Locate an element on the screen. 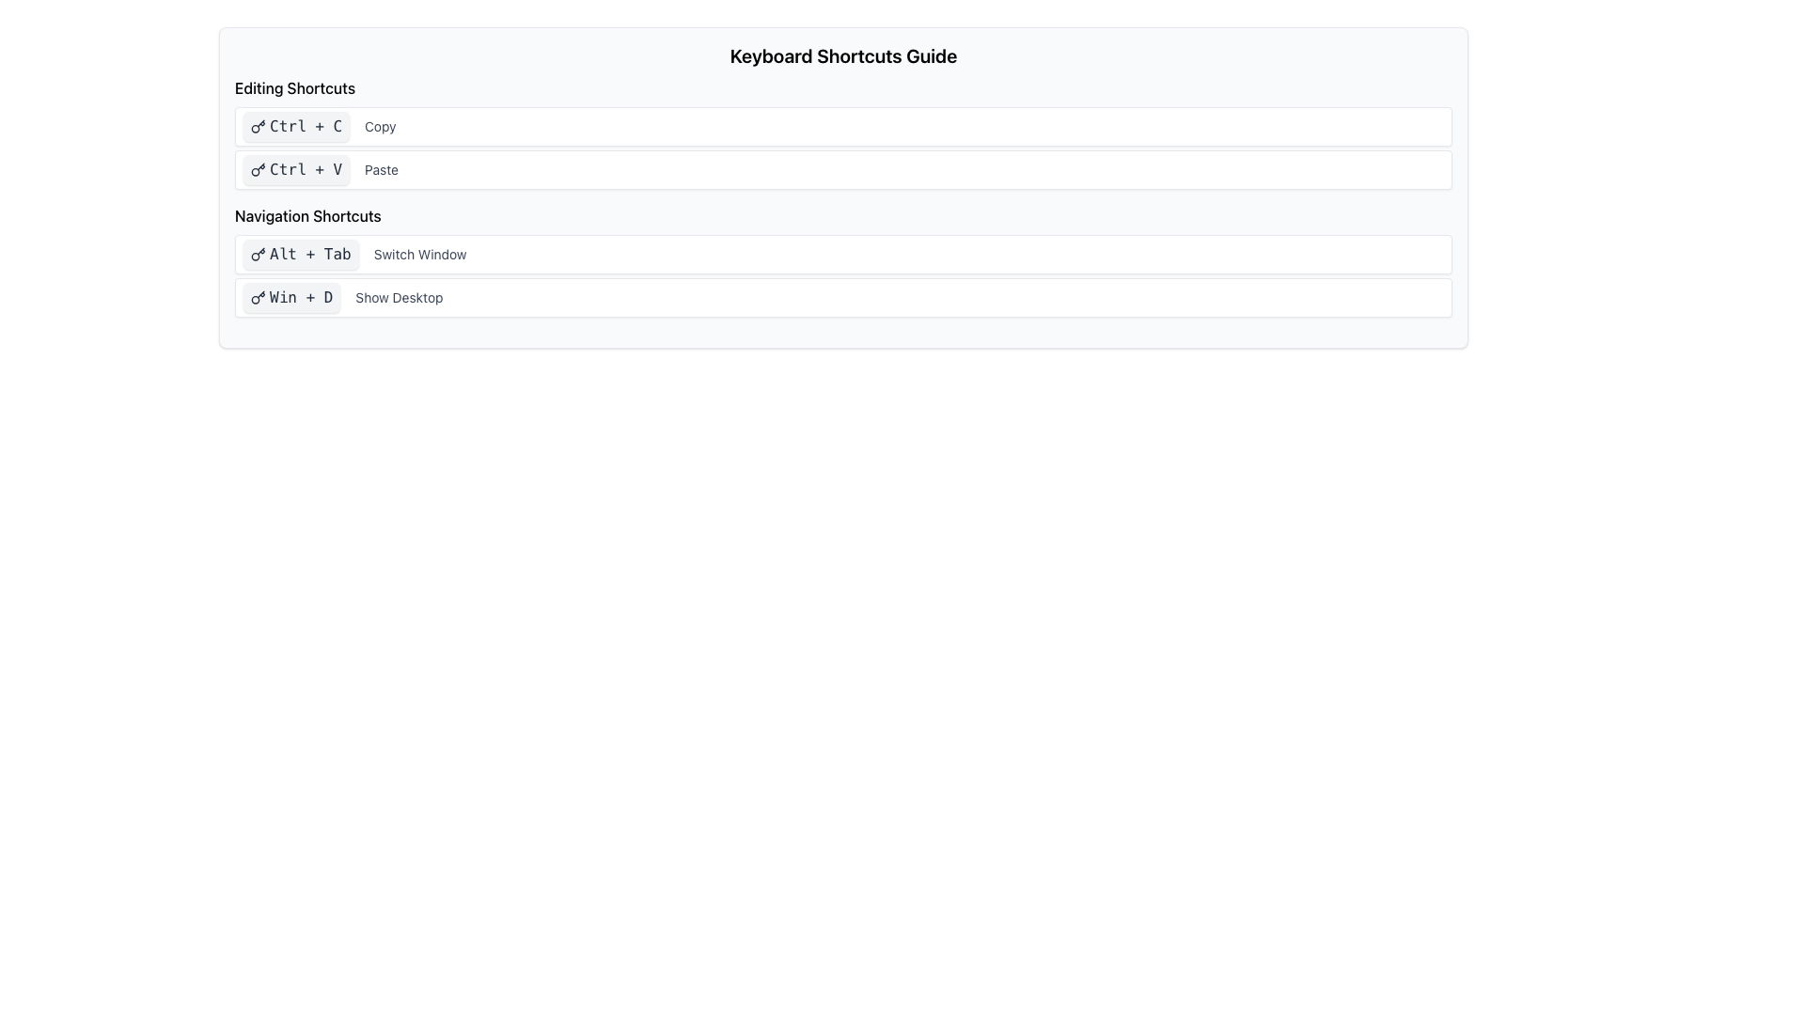 The image size is (1805, 1015). the text label displaying 'Switch Window', which is located immediately to the right of the 'Alt + Tab' label in the 'Navigation Shortcuts' section is located at coordinates (419, 254).